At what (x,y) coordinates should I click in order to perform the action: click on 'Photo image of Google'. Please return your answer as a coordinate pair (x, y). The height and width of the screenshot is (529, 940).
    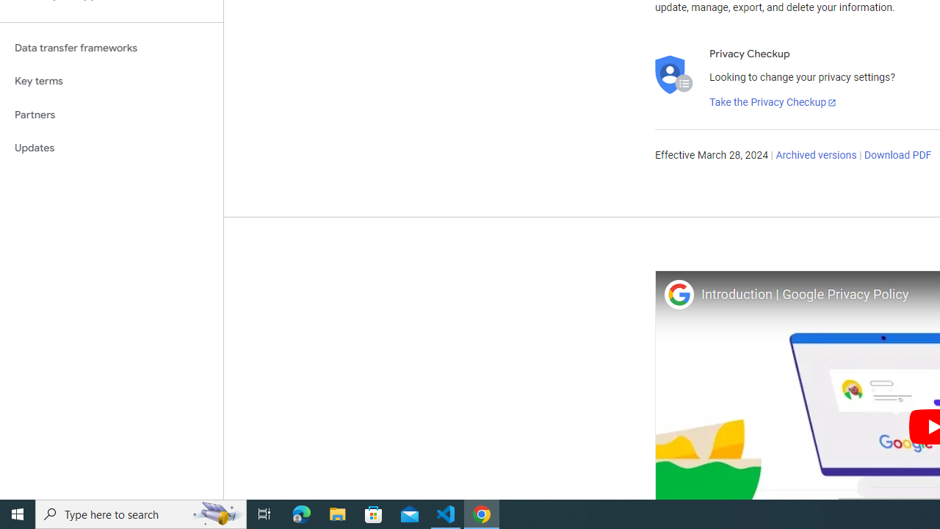
    Looking at the image, I should click on (678, 294).